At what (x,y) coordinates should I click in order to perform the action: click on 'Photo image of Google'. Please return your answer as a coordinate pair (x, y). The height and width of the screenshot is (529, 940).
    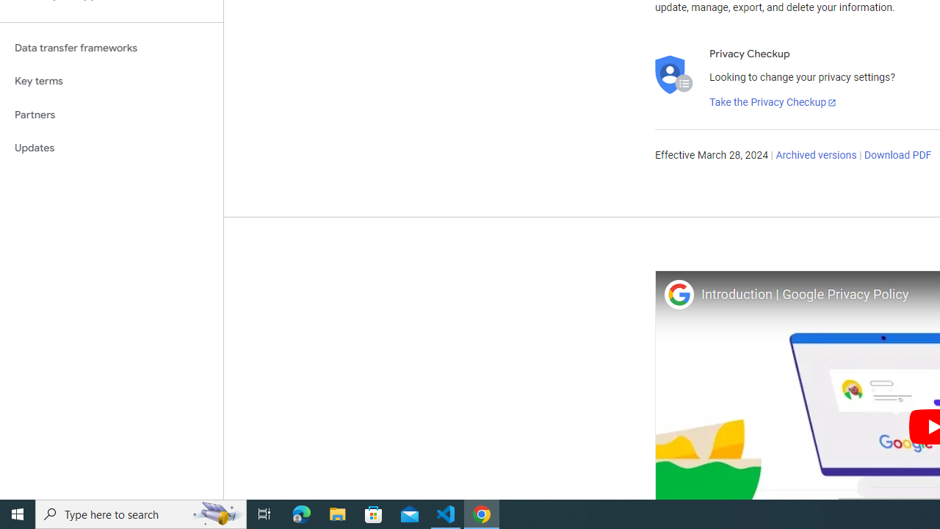
    Looking at the image, I should click on (678, 294).